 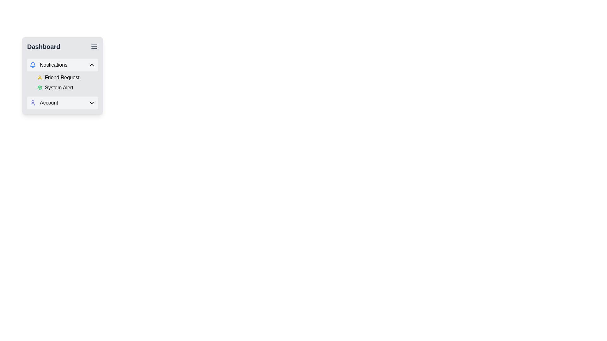 I want to click on the menu icon located in the top-right corner of the sidebar labeled 'Dashboard', so click(x=94, y=46).